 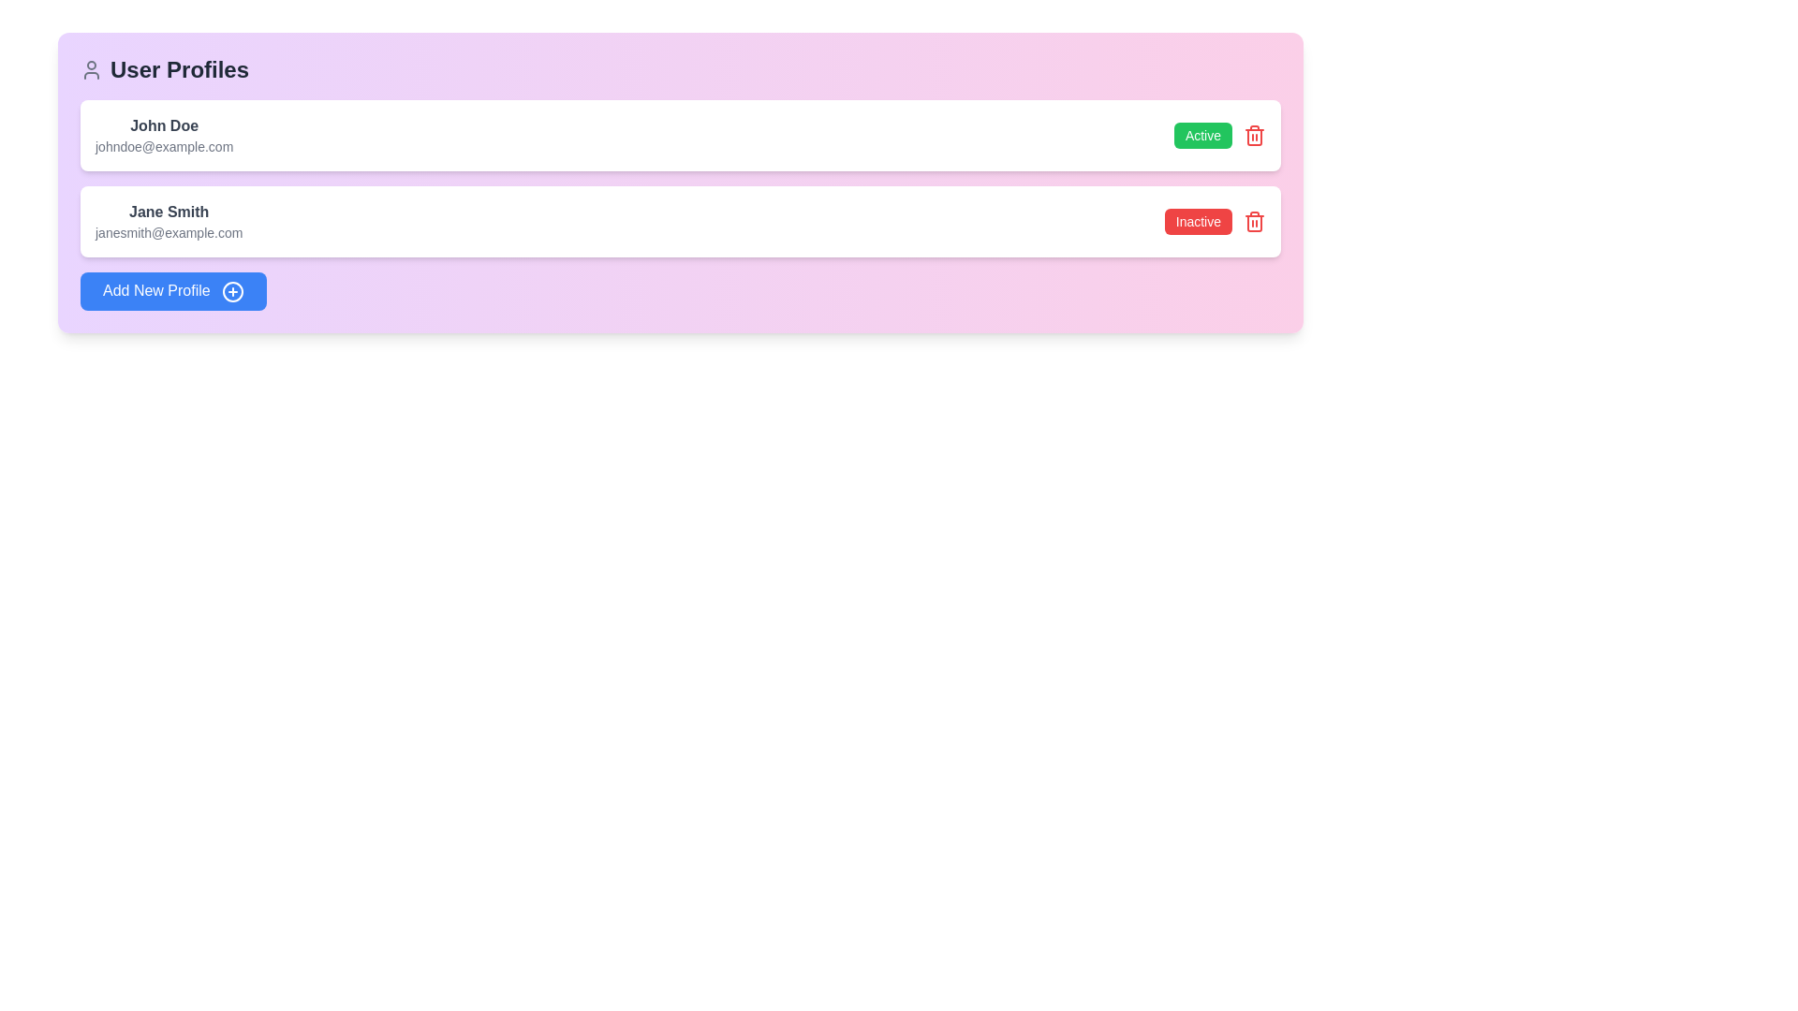 I want to click on the text label displaying 'Jane Smith' in bold dark gray font, which is positioned above the email address 'janesmith@example.com', so click(x=169, y=212).